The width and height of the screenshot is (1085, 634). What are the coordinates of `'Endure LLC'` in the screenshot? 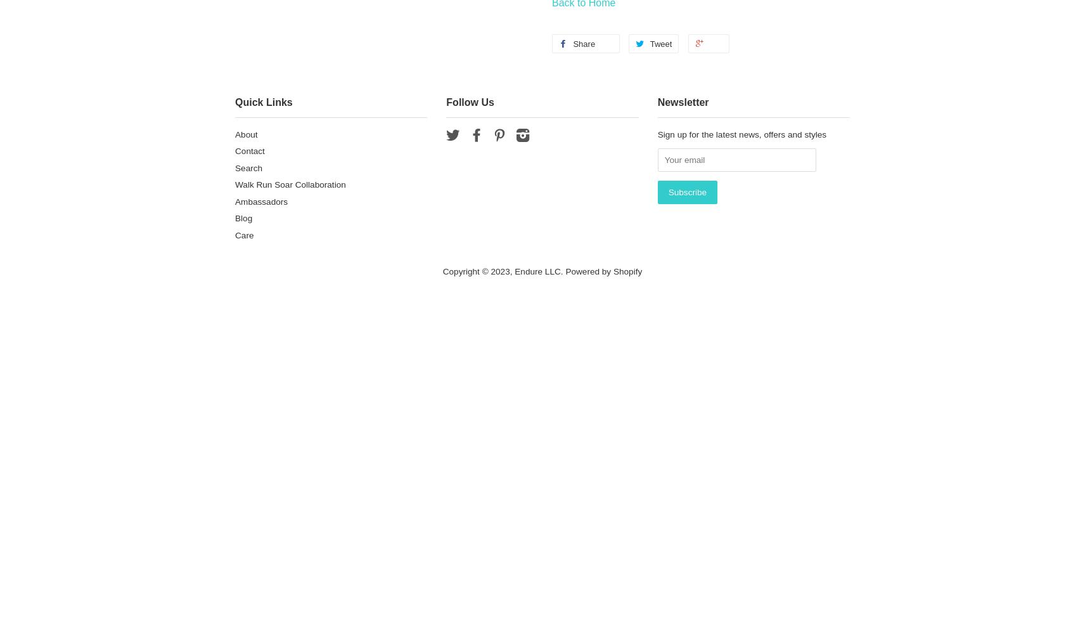 It's located at (537, 271).